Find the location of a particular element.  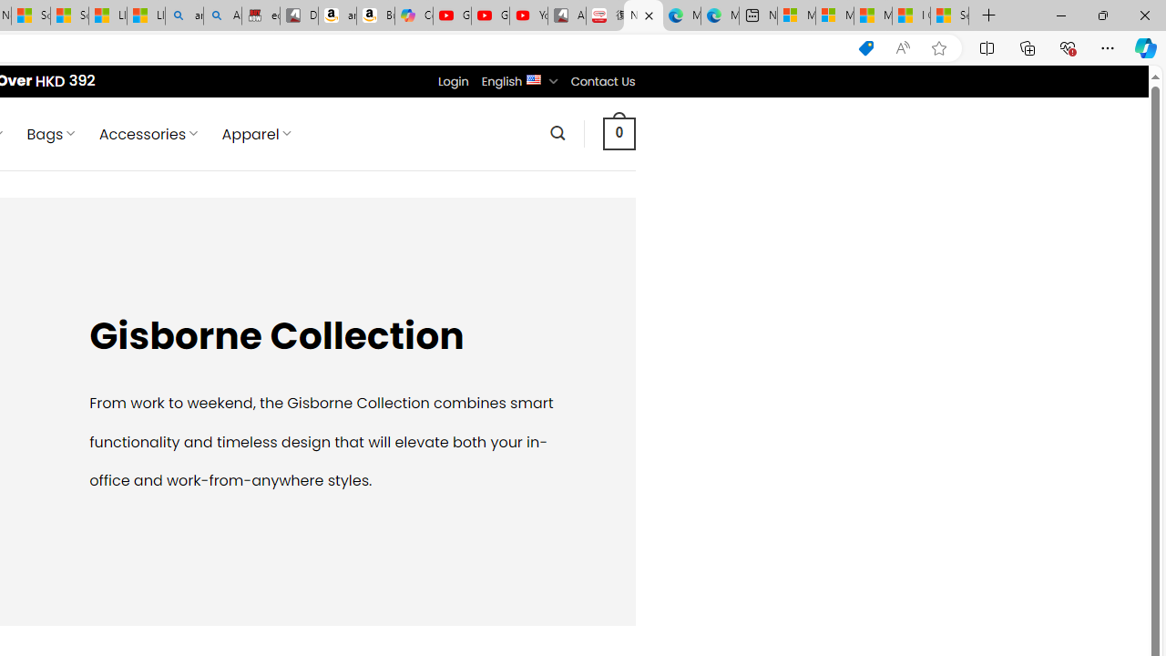

'Nordace - Gisborne Collection' is located at coordinates (643, 15).